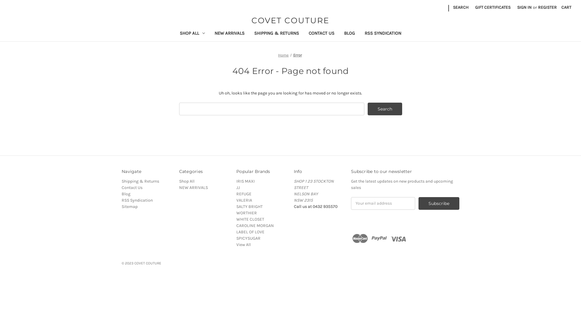 The height and width of the screenshot is (326, 581). What do you see at coordinates (121, 206) in the screenshot?
I see `'Sitemap'` at bounding box center [121, 206].